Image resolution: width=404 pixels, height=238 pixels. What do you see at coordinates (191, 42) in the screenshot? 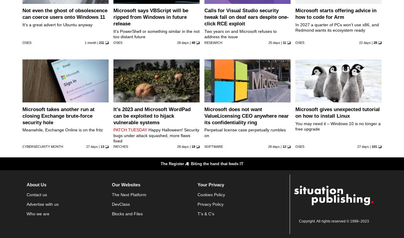
I see `'48'` at bounding box center [191, 42].